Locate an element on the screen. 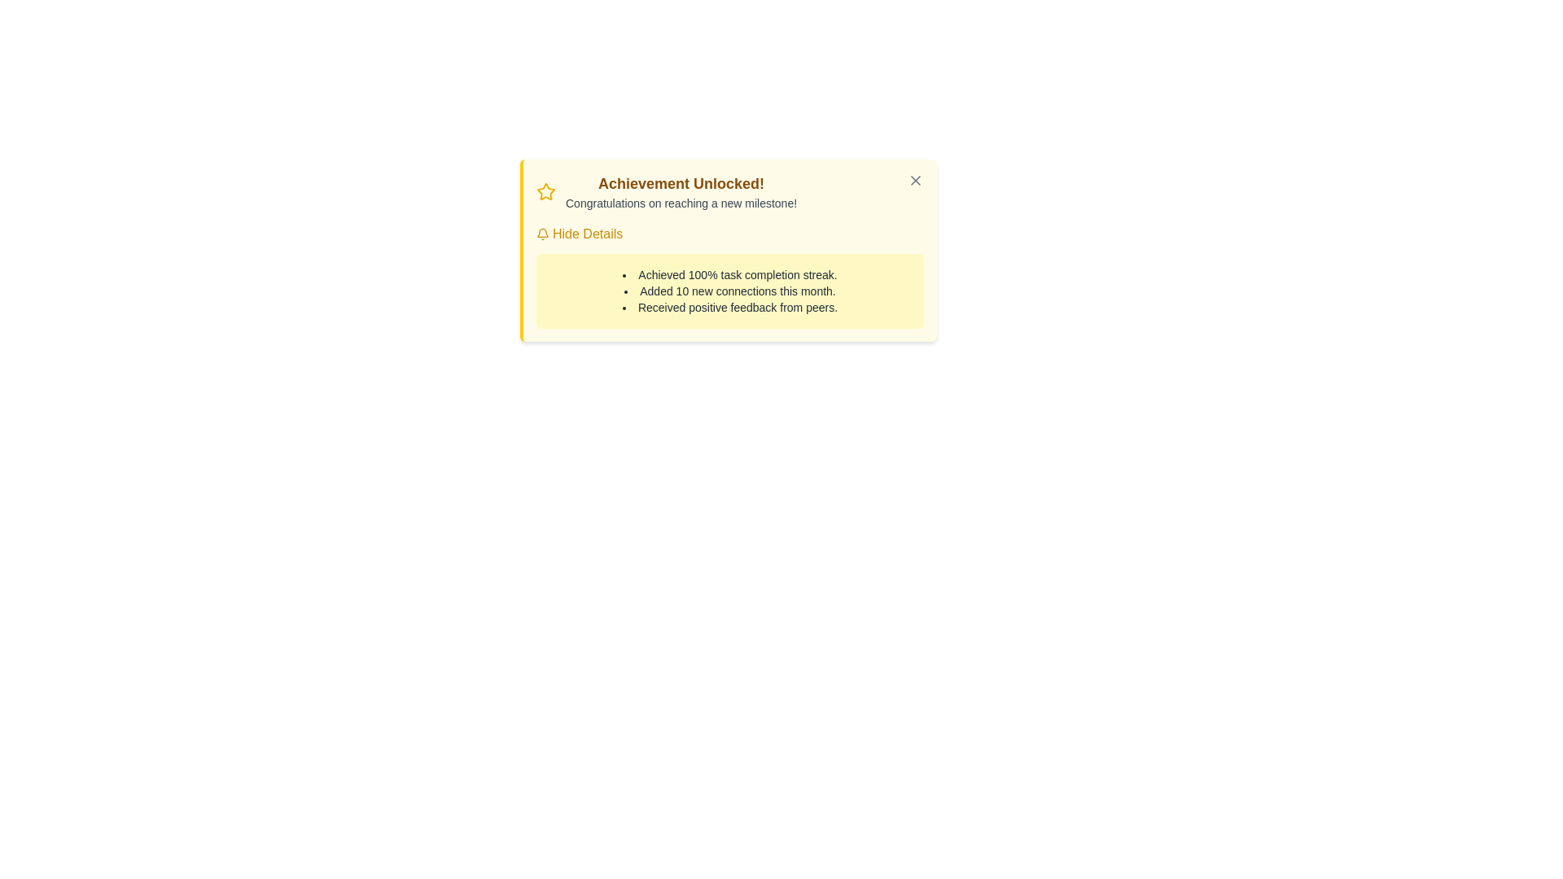  the bell icon indicating notifications, located to the left of the 'Hide Details' text in the notification card is located at coordinates (543, 234).